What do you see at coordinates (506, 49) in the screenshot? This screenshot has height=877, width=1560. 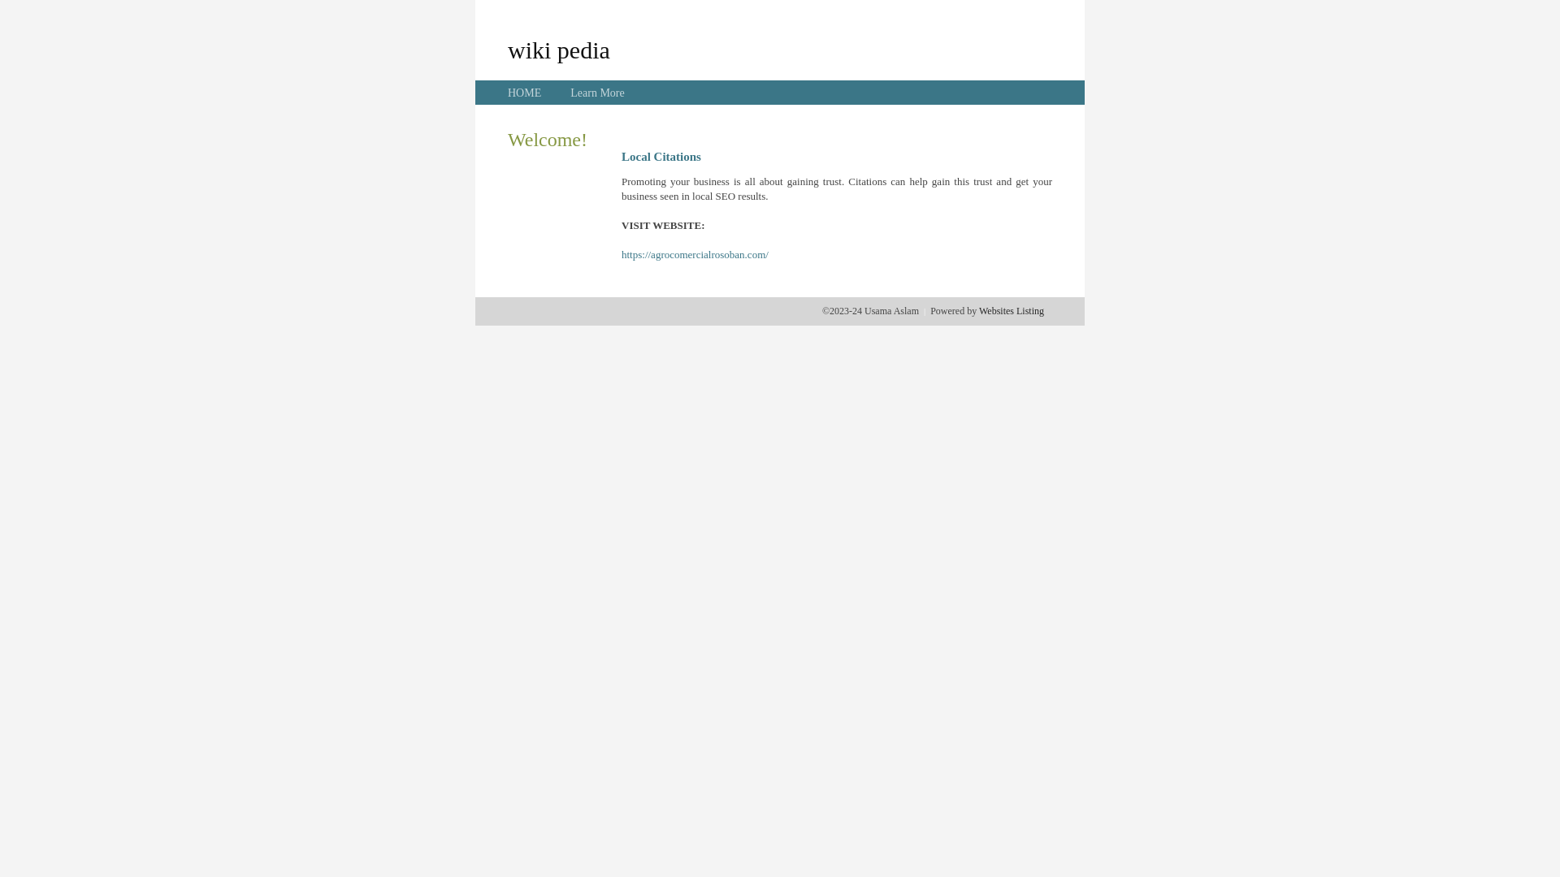 I see `'wiki pedia'` at bounding box center [506, 49].